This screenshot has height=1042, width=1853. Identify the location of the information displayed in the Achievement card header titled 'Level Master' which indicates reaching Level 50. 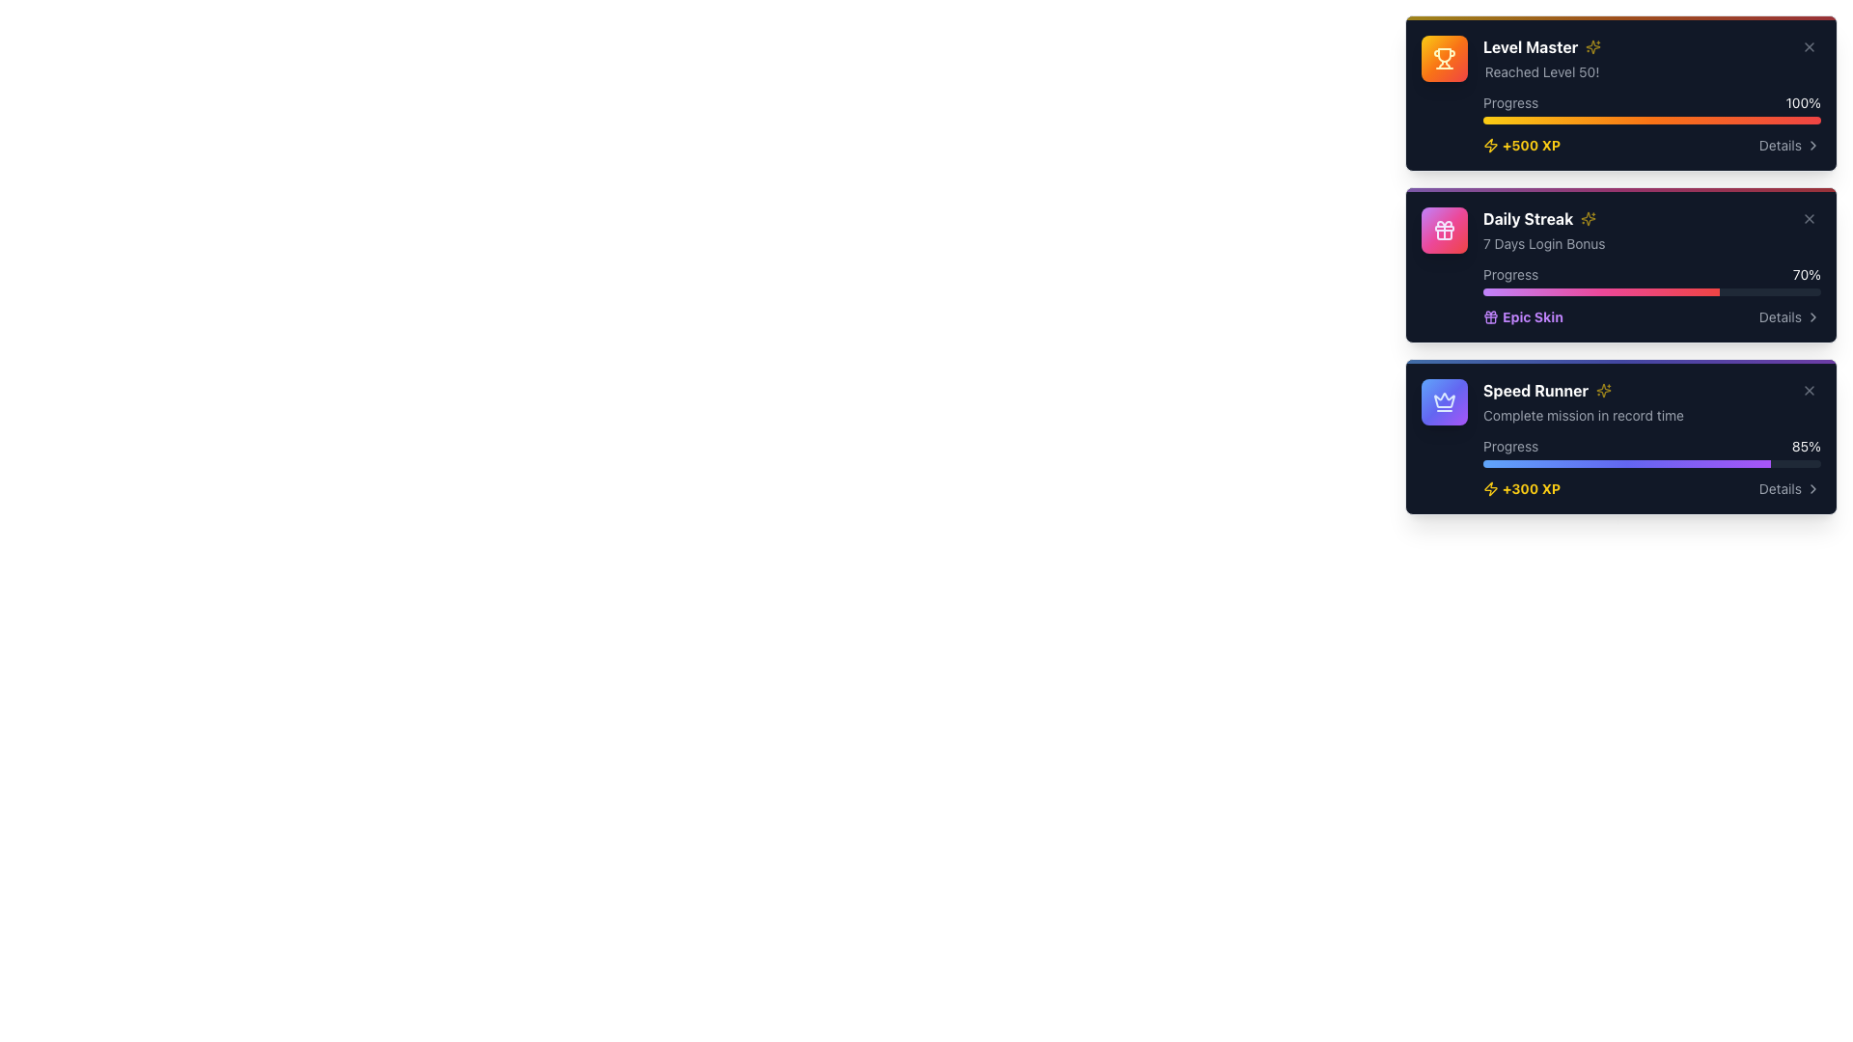
(1651, 58).